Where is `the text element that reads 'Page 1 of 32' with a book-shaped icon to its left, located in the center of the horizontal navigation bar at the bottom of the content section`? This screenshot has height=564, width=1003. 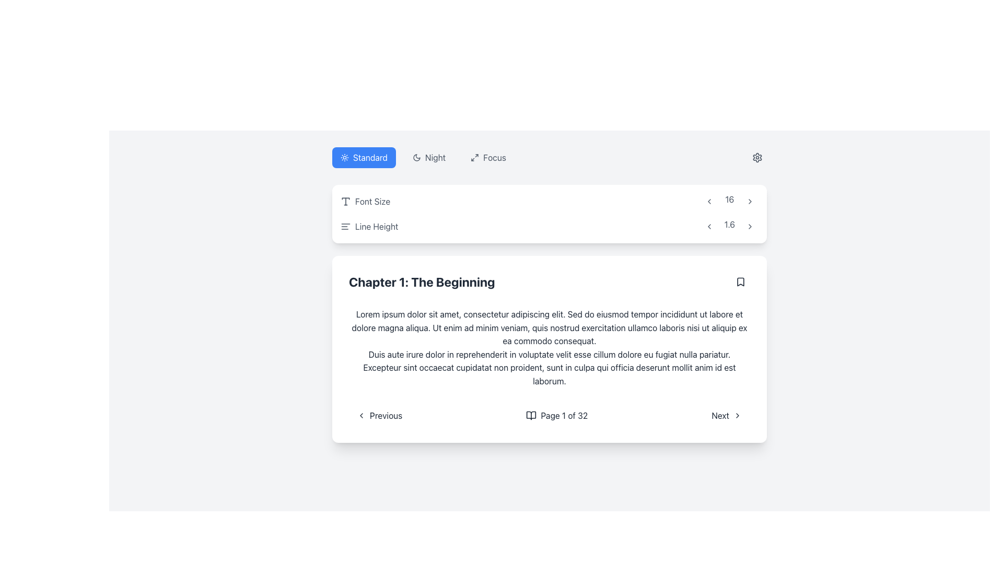
the text element that reads 'Page 1 of 32' with a book-shaped icon to its left, located in the center of the horizontal navigation bar at the bottom of the content section is located at coordinates (556, 415).